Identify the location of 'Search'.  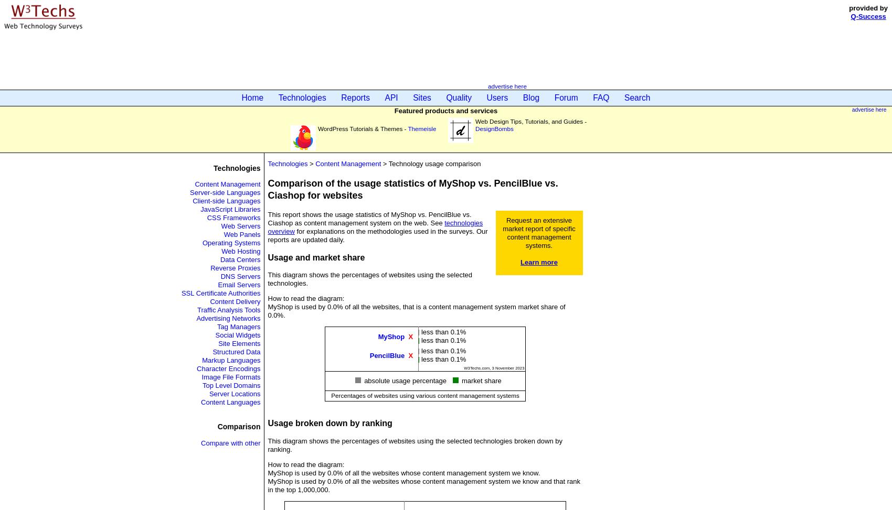
(624, 97).